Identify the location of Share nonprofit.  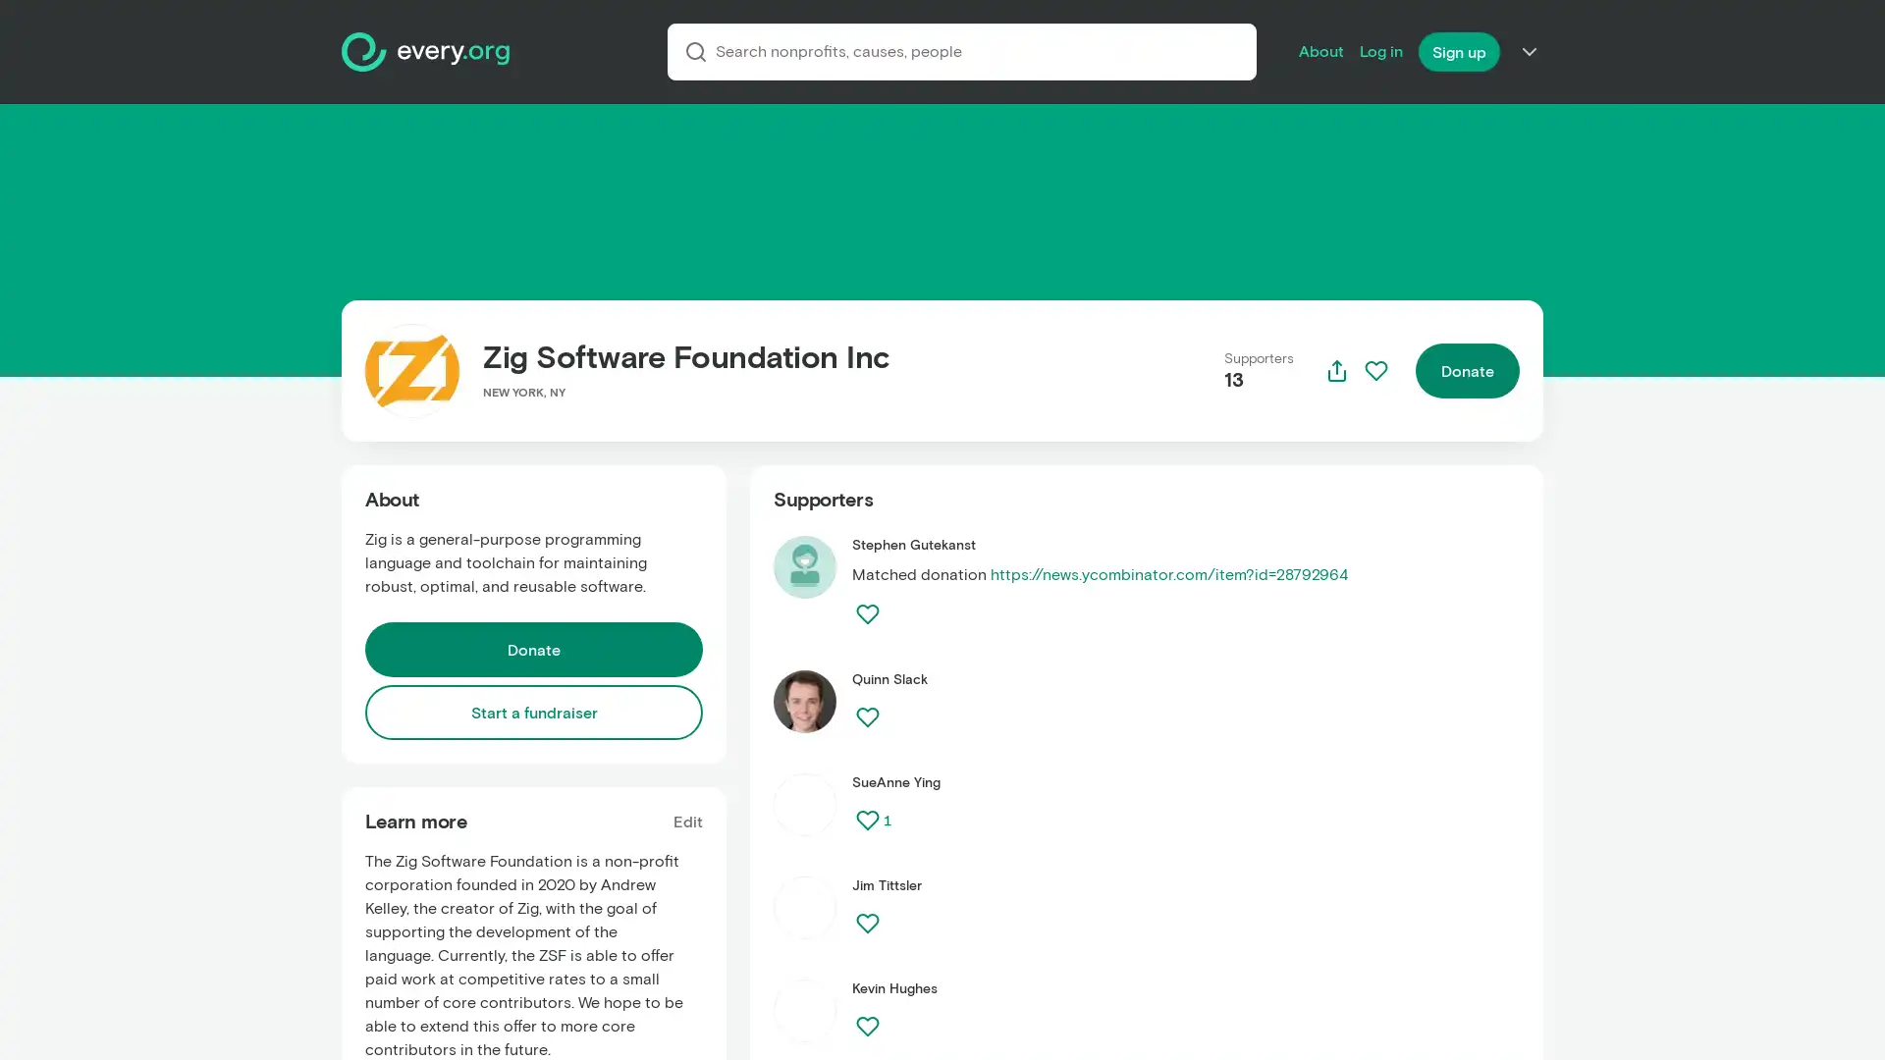
(1336, 371).